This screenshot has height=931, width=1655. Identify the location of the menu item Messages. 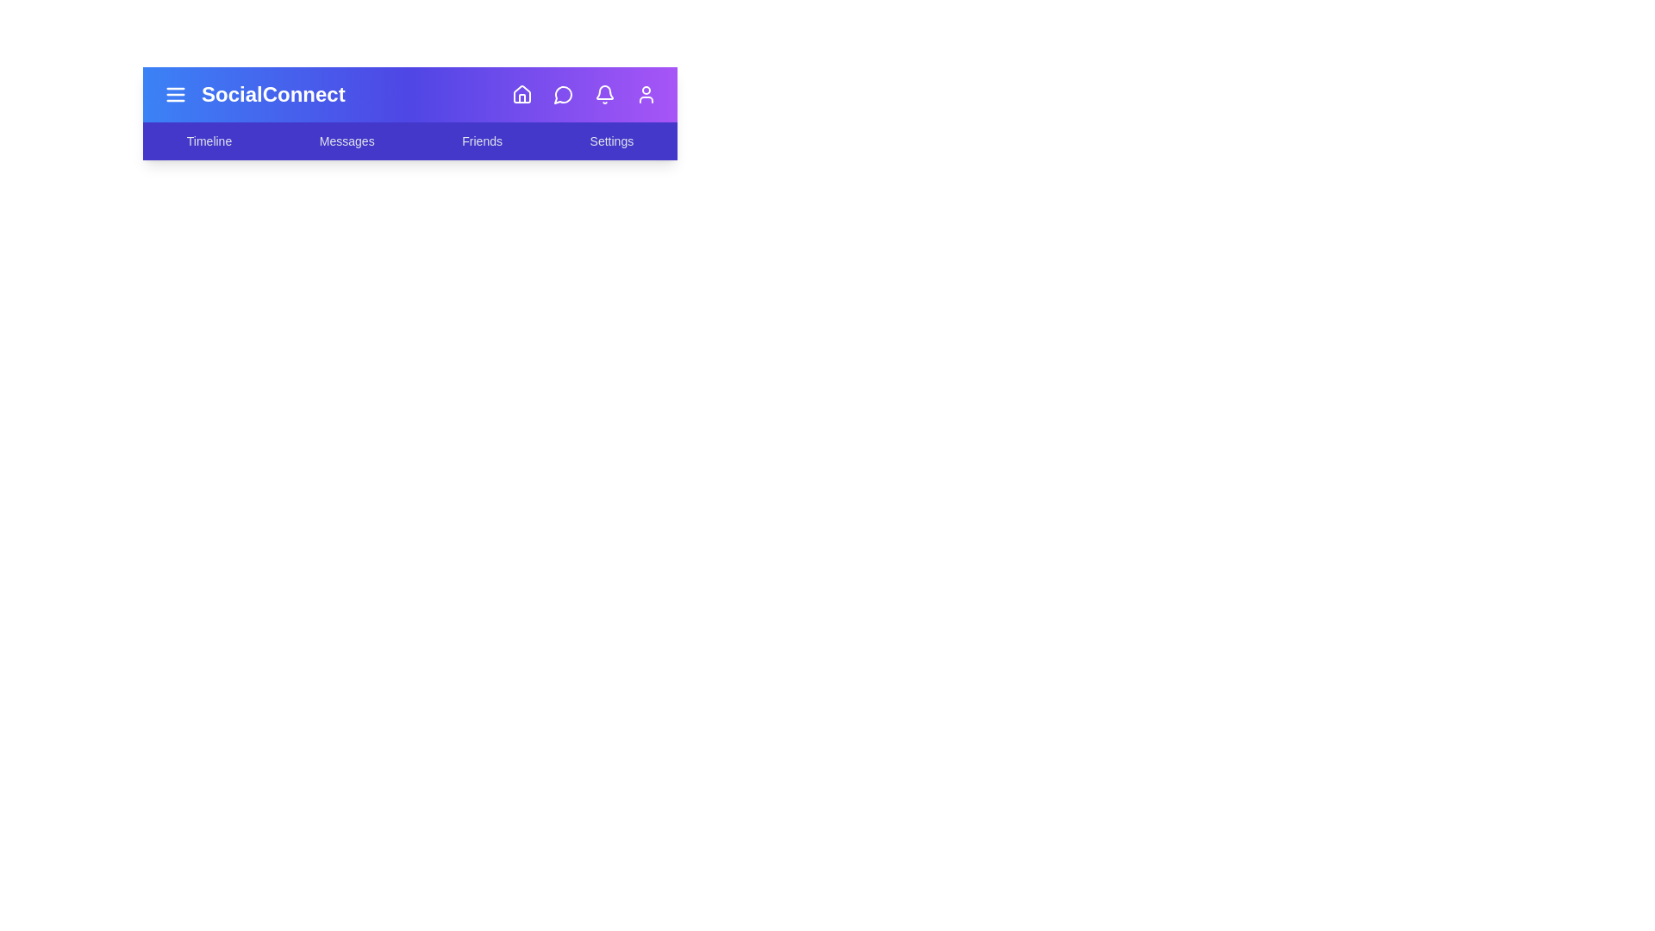
(346, 141).